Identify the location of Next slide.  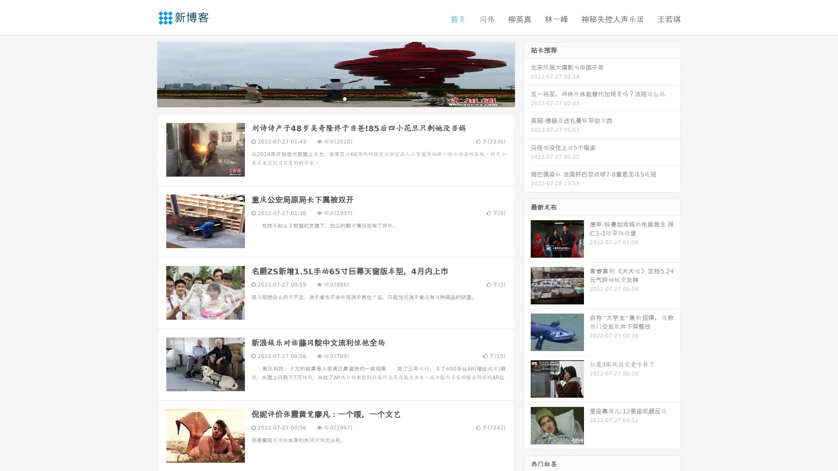
(527, 73).